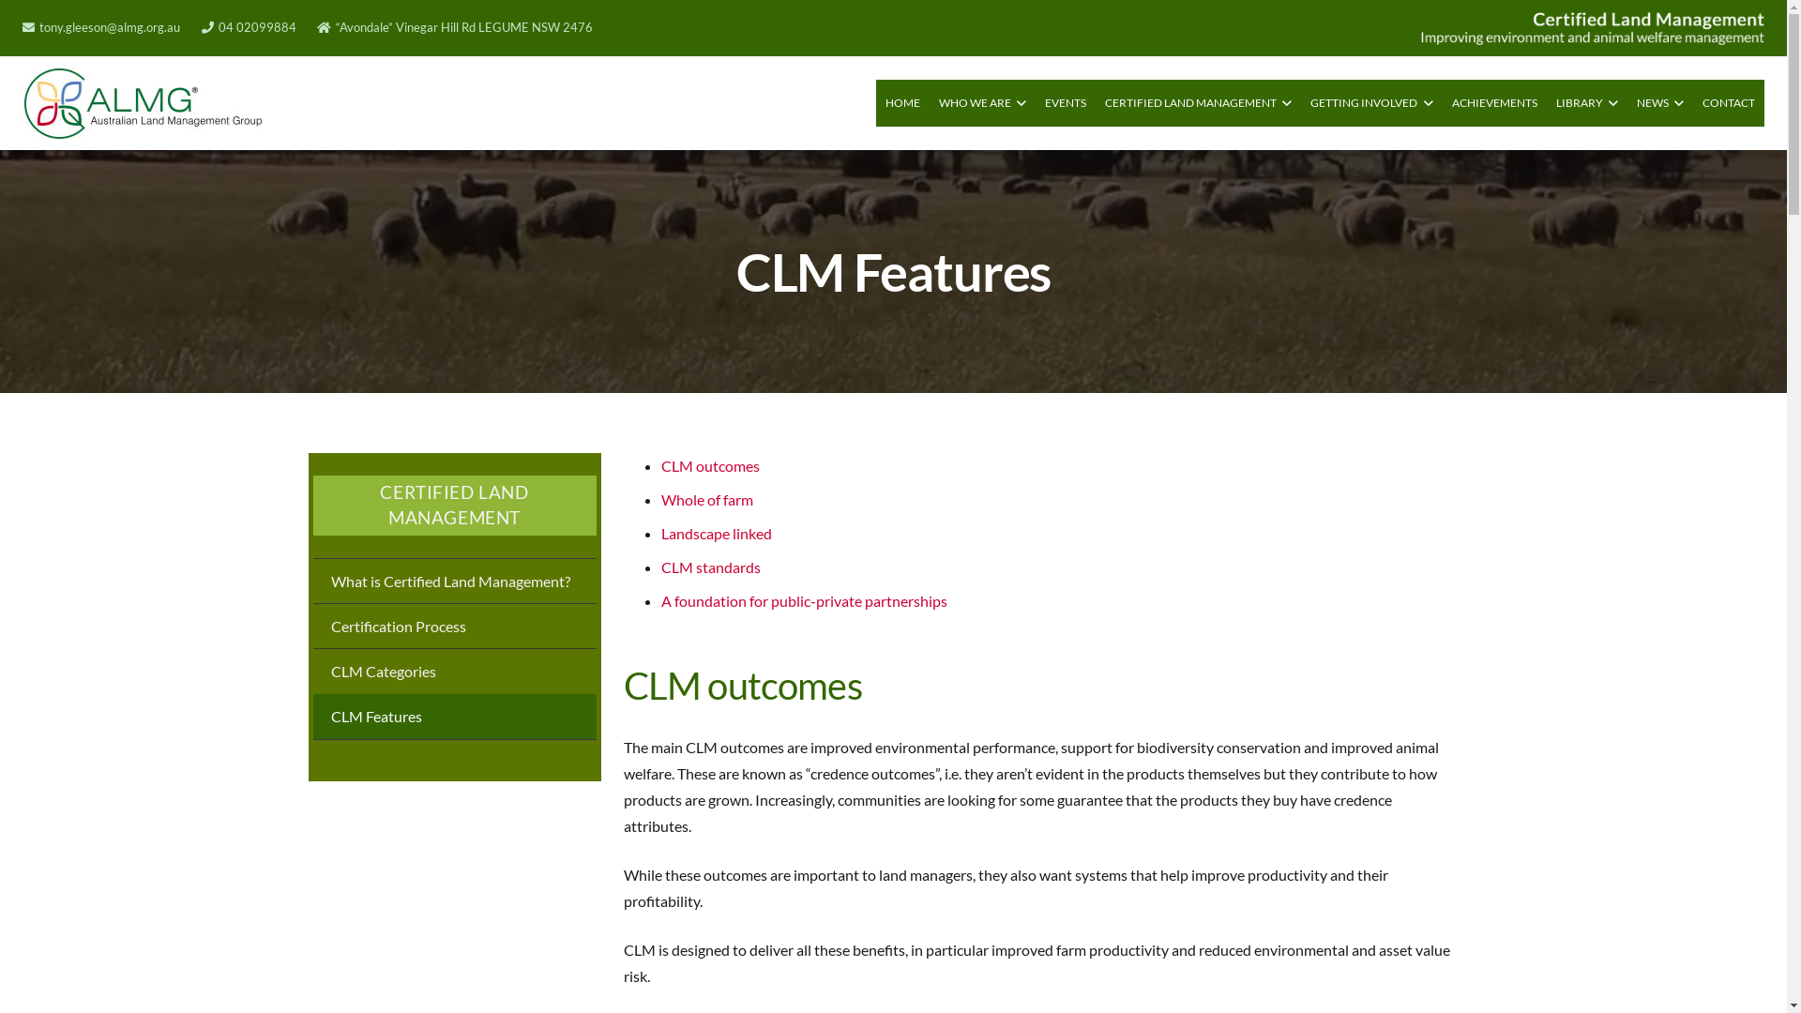 The width and height of the screenshot is (1801, 1013). What do you see at coordinates (1660, 103) in the screenshot?
I see `'NEWS'` at bounding box center [1660, 103].